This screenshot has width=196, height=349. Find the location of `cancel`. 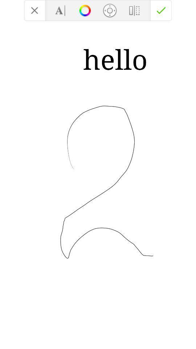

cancel is located at coordinates (34, 10).